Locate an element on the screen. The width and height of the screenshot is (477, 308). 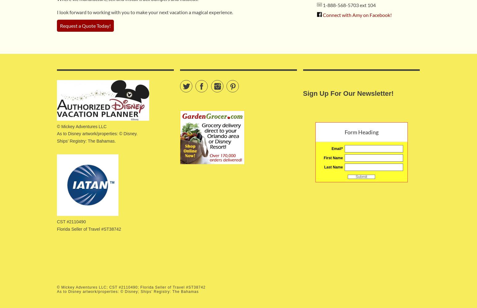
'I look forward to working with you to make your next vacation a magical experience.' is located at coordinates (57, 12).